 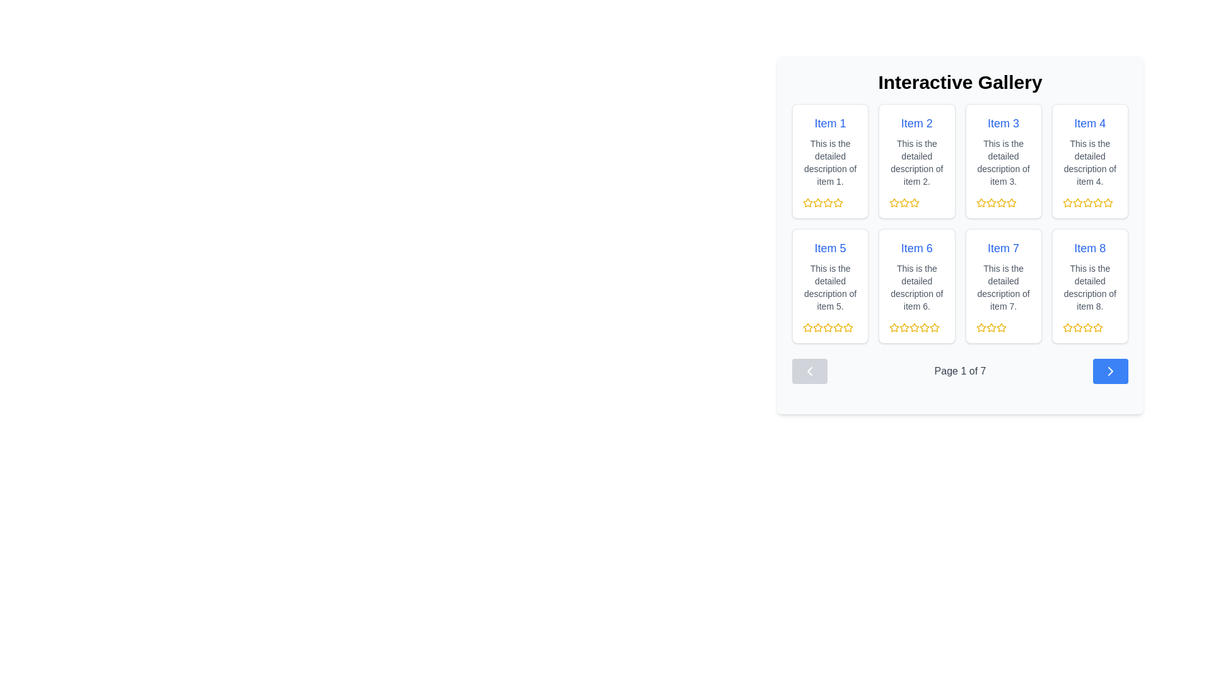 I want to click on the second star icon in the rating system under 'Item 5', so click(x=848, y=327).